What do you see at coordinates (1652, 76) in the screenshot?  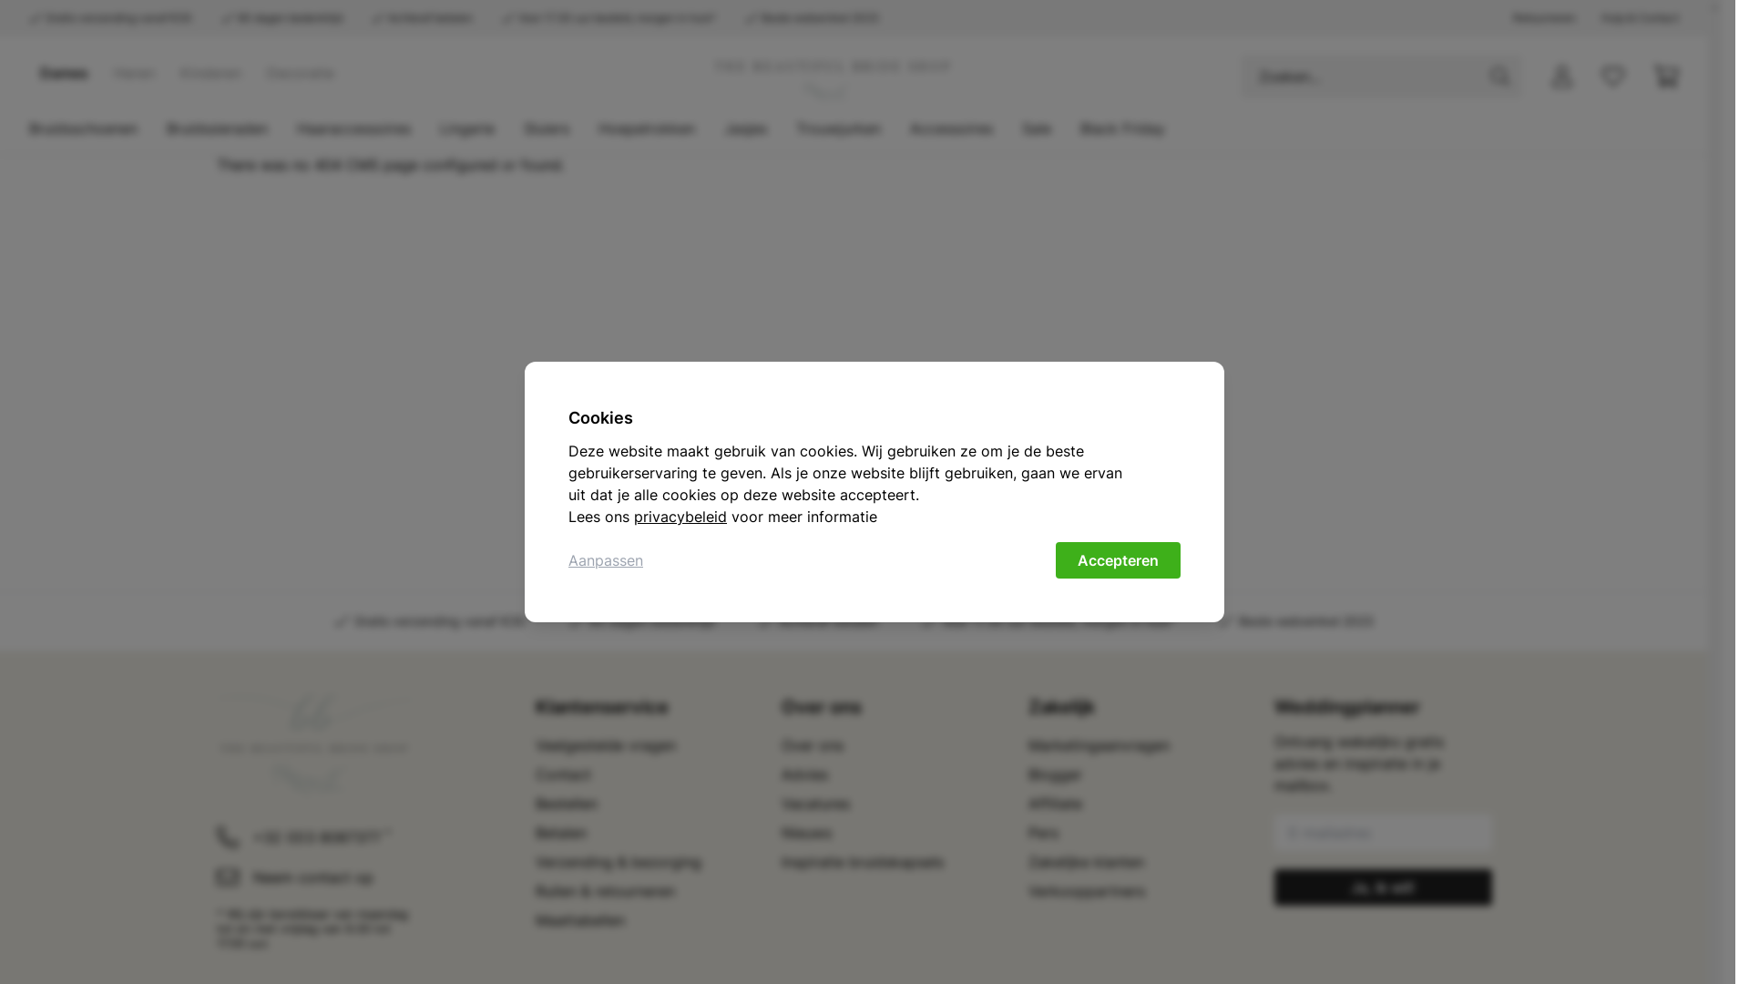 I see `'Winkelwagen'` at bounding box center [1652, 76].